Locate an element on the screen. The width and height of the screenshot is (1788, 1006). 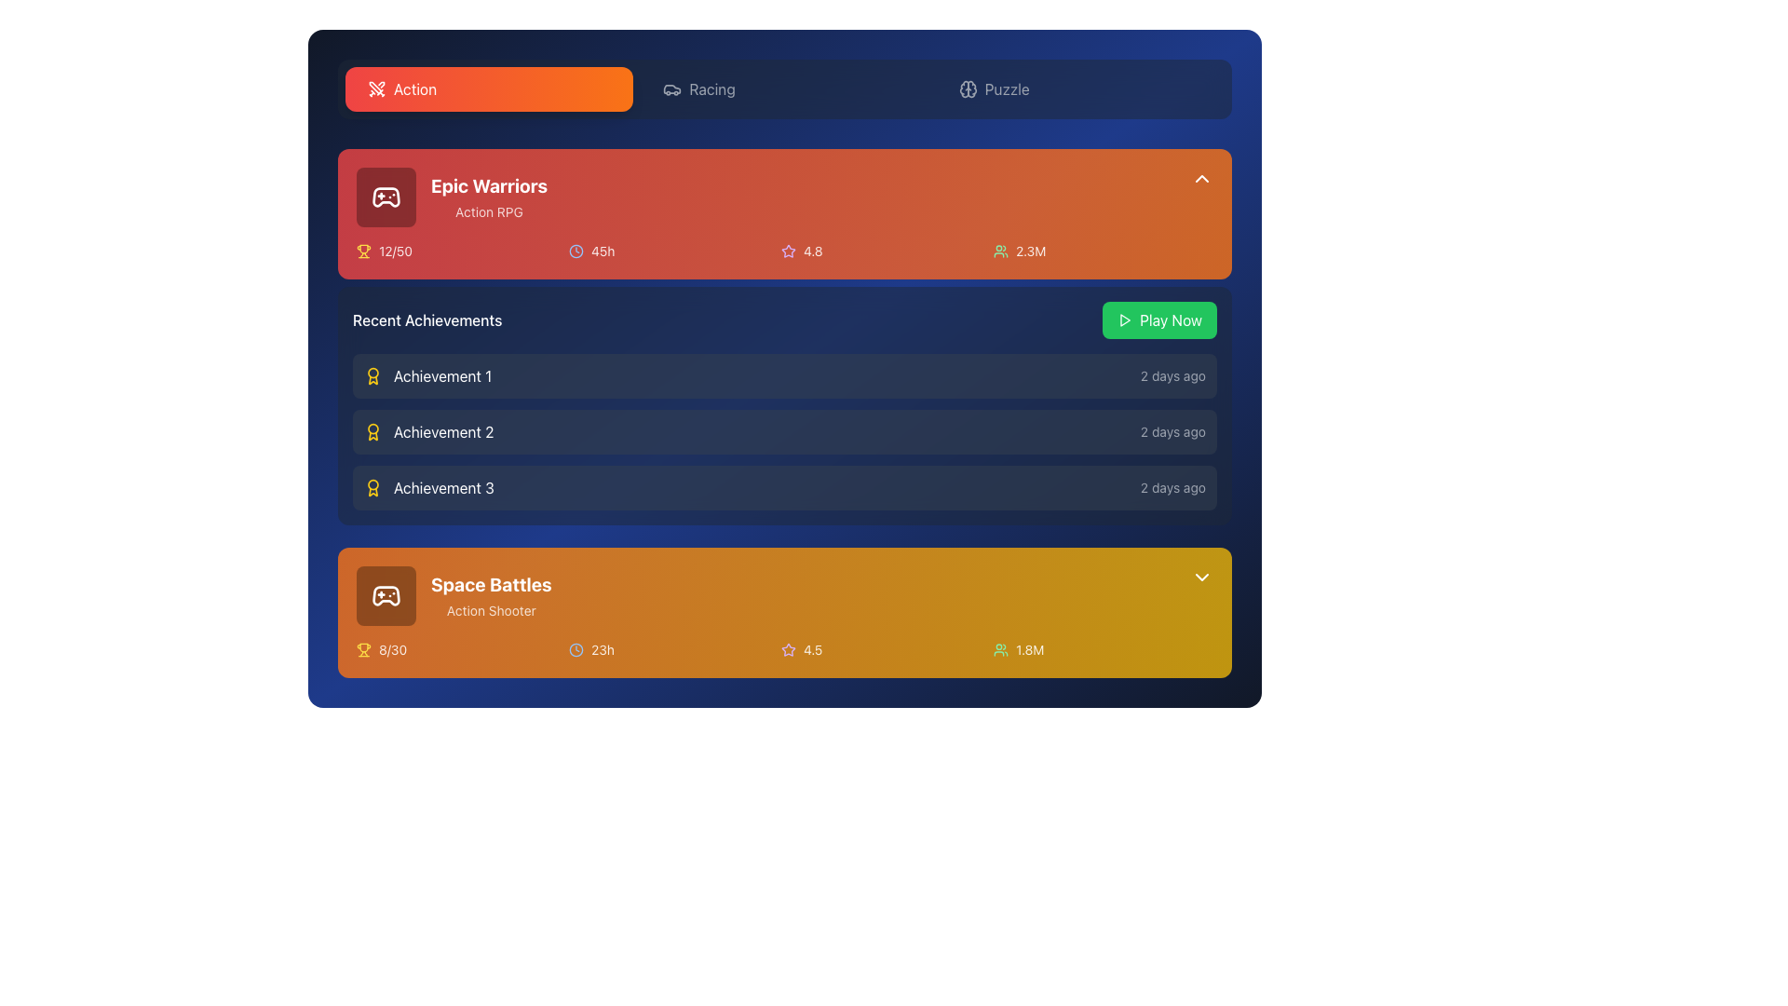
the Text label displaying '23h', which is styled in white with slight transparency and positioned to the right of the clock icon is located at coordinates (603, 649).